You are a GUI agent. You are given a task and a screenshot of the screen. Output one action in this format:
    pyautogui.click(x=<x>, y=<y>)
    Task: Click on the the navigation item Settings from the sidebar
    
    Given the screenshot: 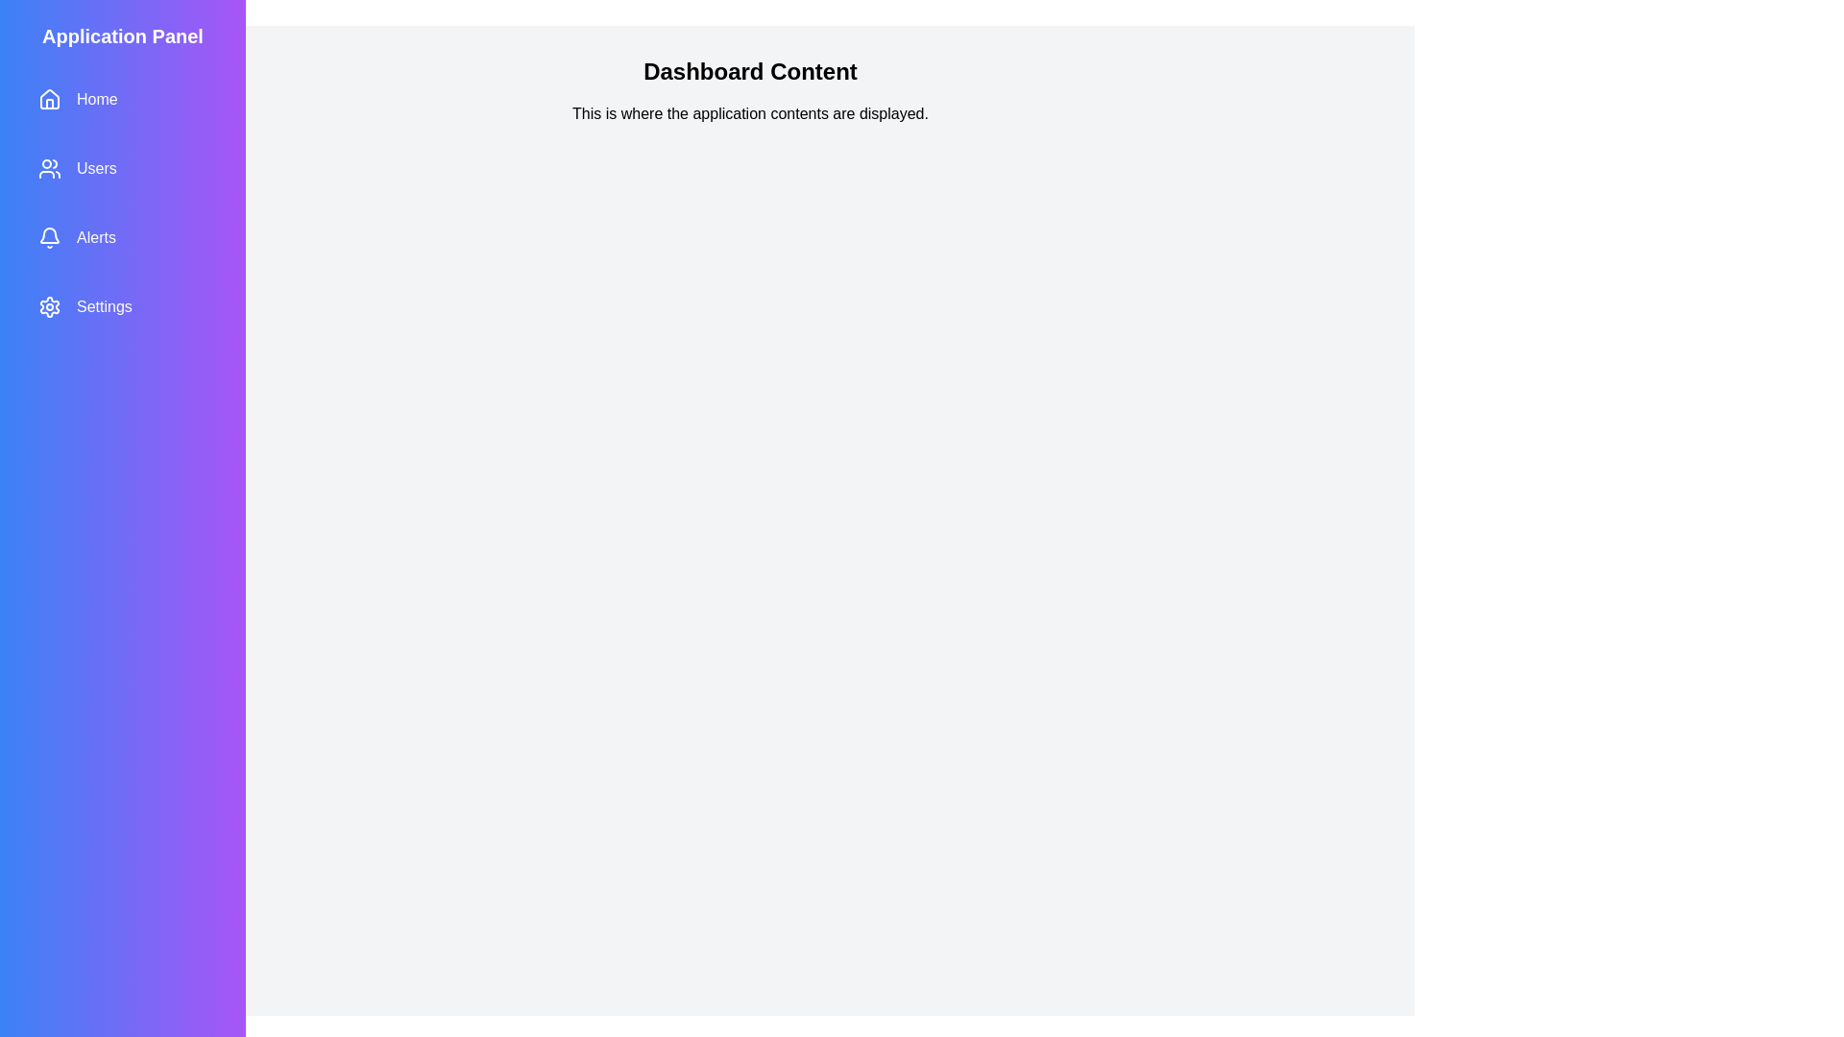 What is the action you would take?
    pyautogui.click(x=122, y=306)
    